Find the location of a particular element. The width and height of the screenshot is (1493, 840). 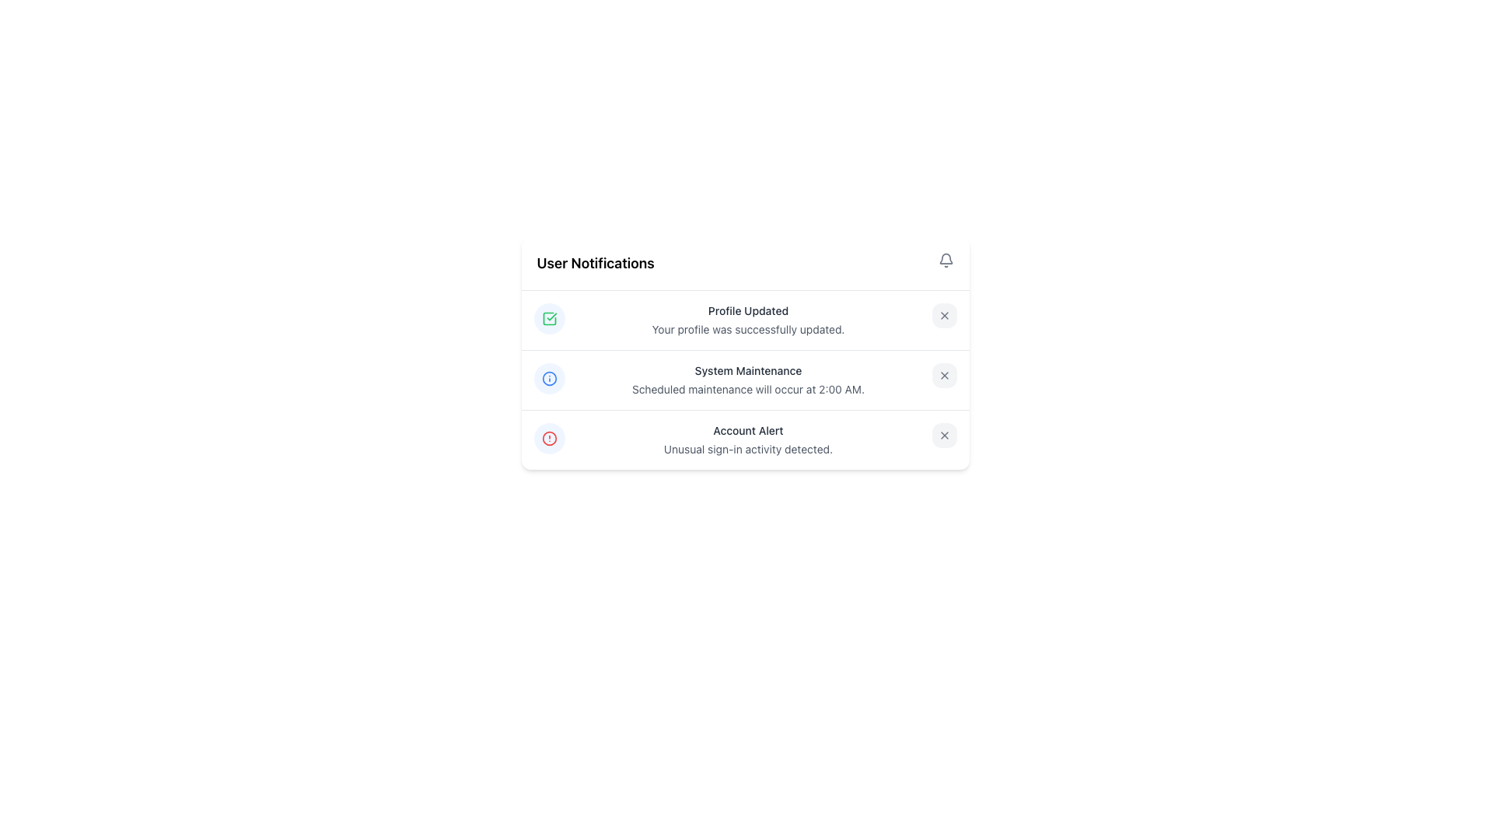

the first circular icon in the notifications list is located at coordinates (549, 317).